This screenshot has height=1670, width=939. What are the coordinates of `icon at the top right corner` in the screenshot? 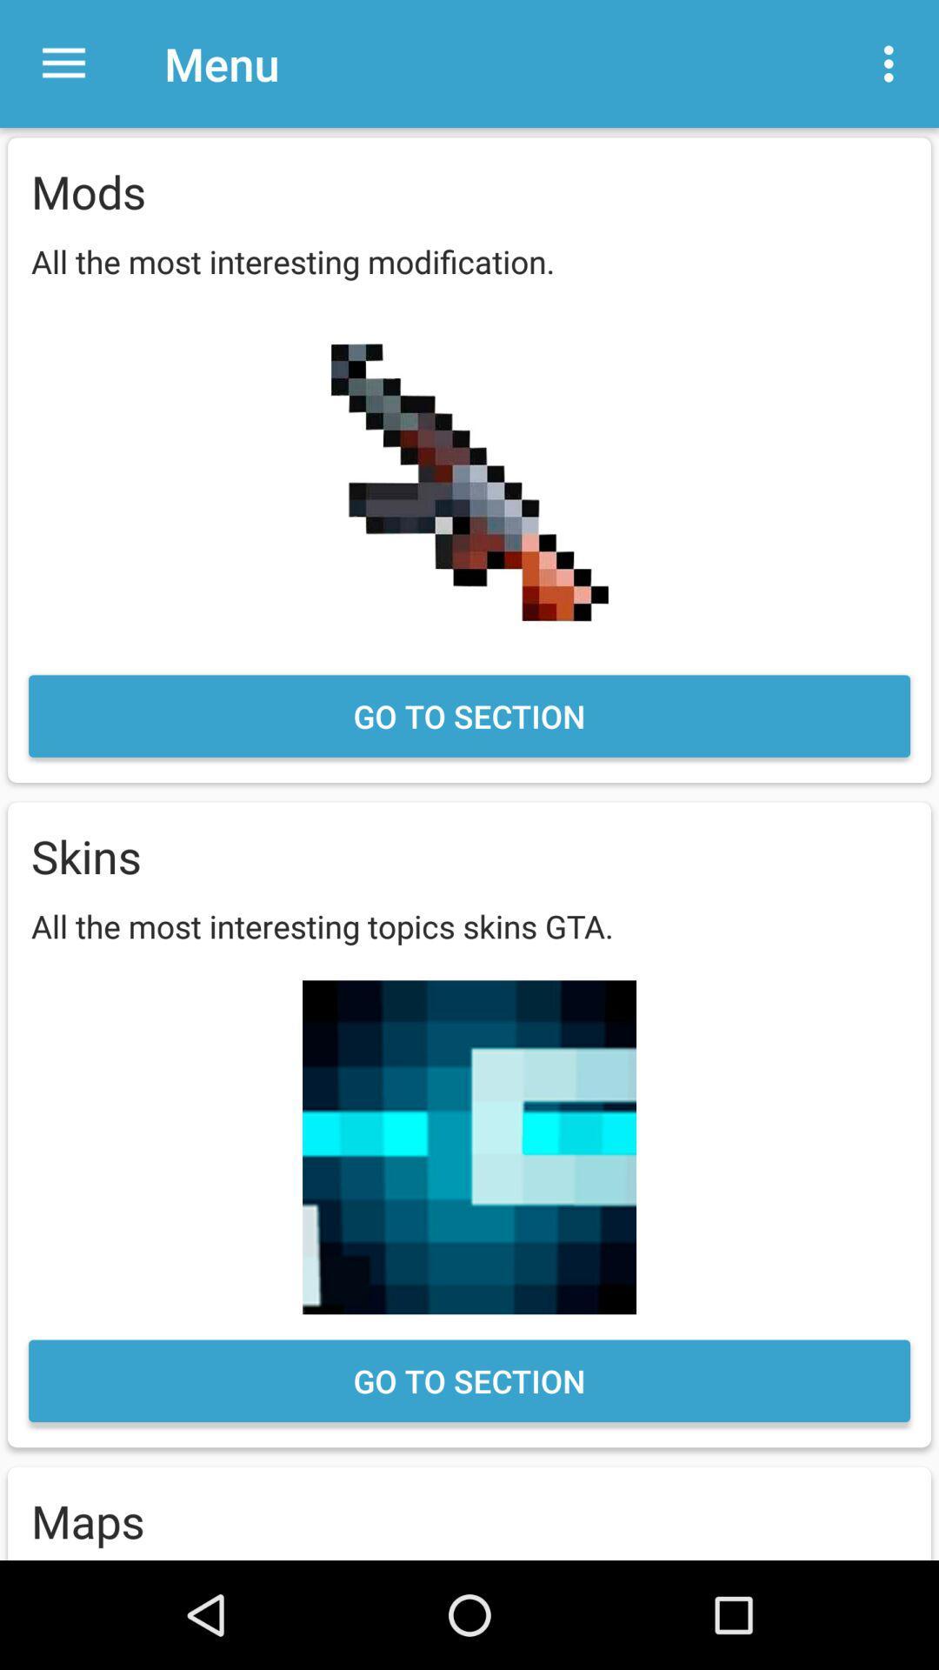 It's located at (893, 63).